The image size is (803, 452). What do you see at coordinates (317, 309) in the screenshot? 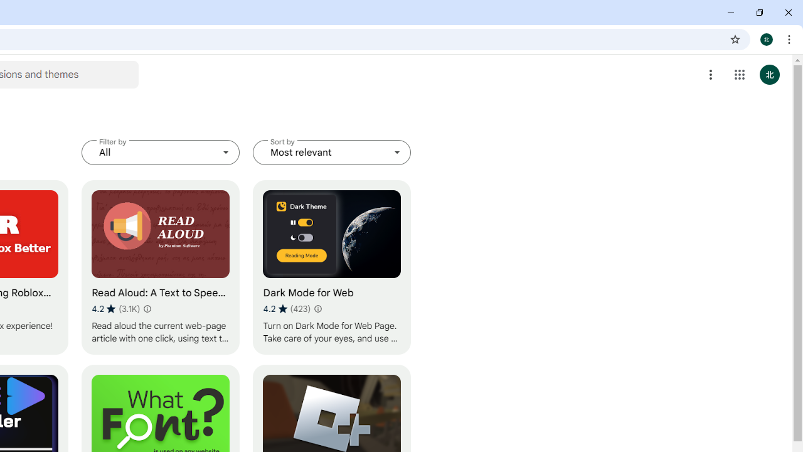
I see `'Learn more about results and reviews "Dark Mode for Web"'` at bounding box center [317, 309].